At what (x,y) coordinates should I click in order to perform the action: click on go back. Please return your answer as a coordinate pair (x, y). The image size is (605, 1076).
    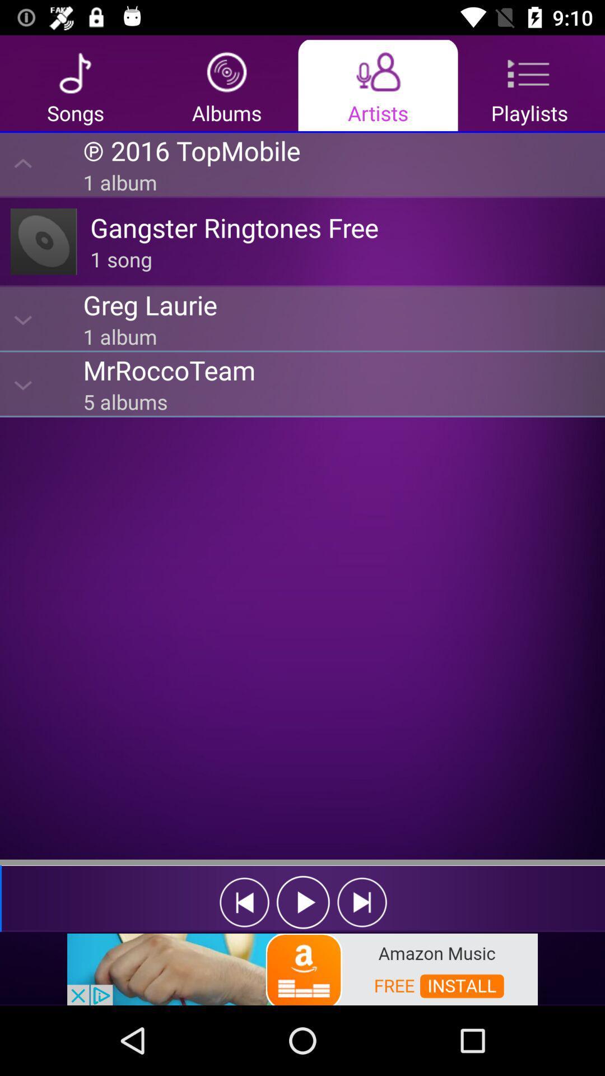
    Looking at the image, I should click on (244, 902).